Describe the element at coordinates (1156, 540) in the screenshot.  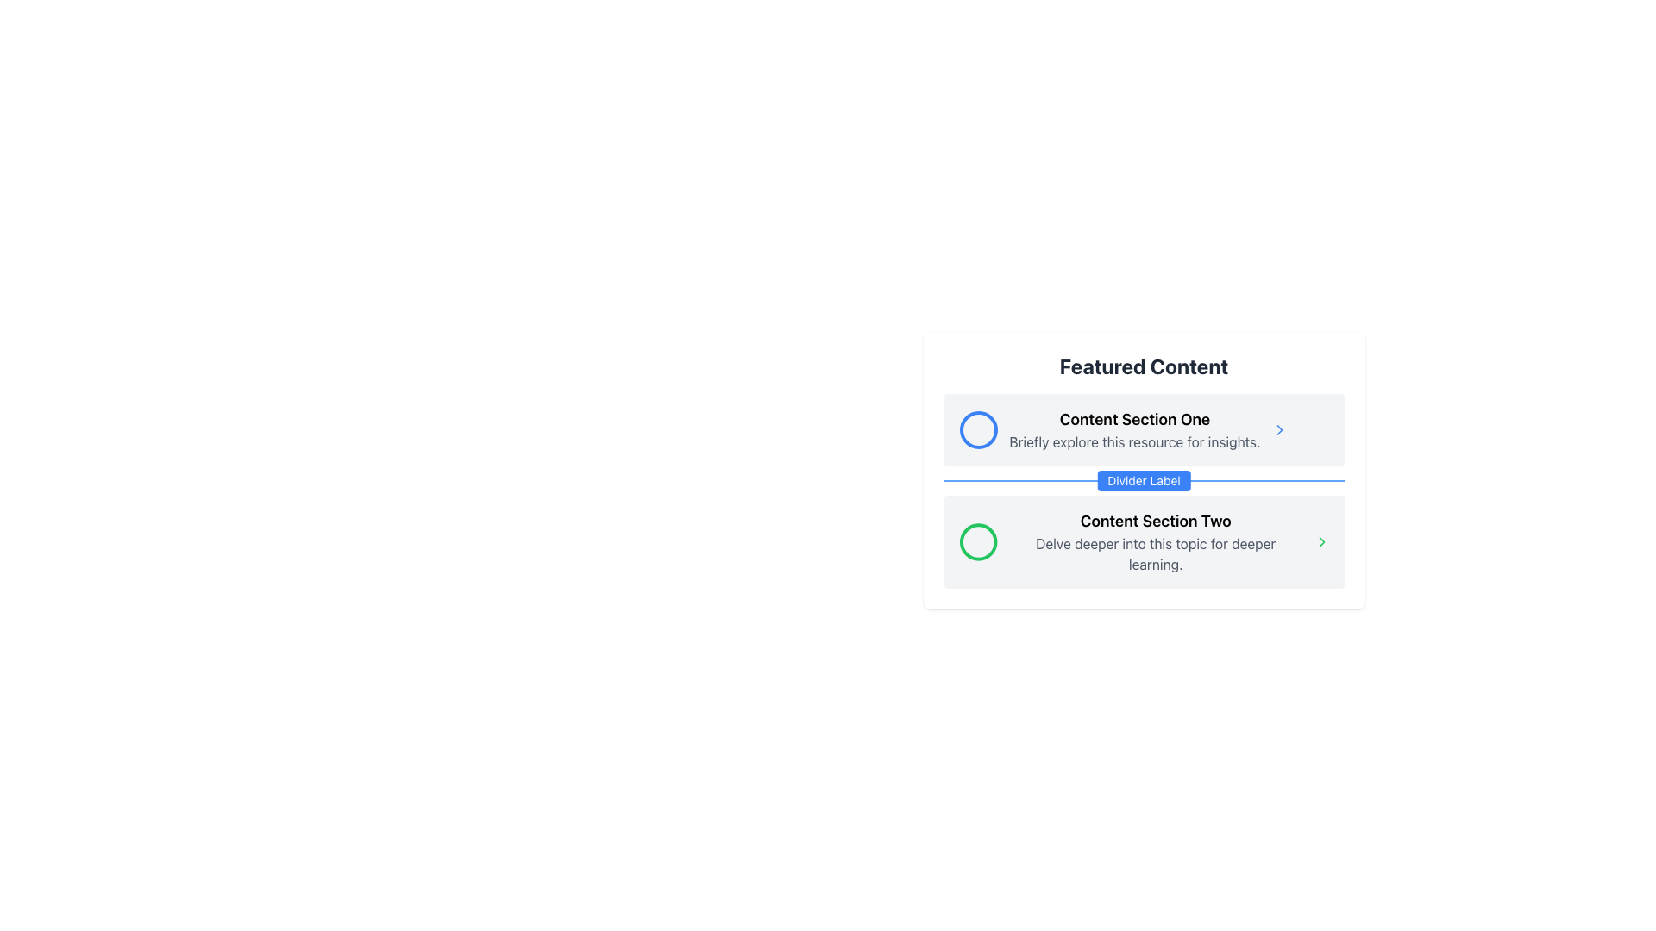
I see `textual content block that features the header 'Content Section Two' and the subtext 'Delve deeper into this topic for deeper learning.' This block is located in the second card of the featured content section, below the first card labeled 'Content Section One.'` at that location.